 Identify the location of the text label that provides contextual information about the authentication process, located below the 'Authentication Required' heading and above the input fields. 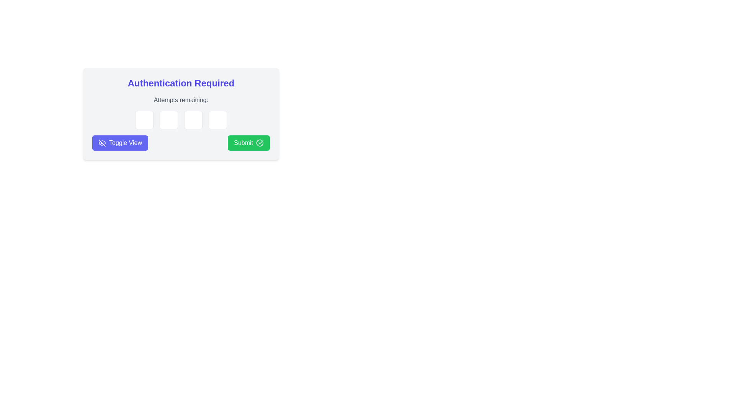
(181, 100).